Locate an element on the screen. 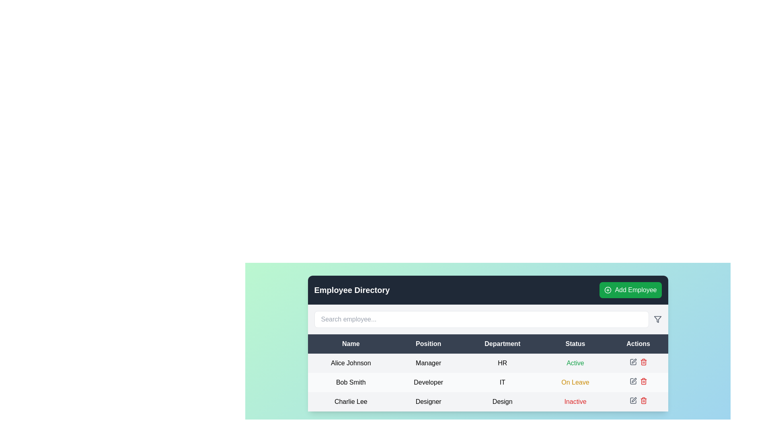 The height and width of the screenshot is (434, 772). the Text element displaying the name of an employee, which is the first entry in the 'Name' column of the table is located at coordinates (351, 363).